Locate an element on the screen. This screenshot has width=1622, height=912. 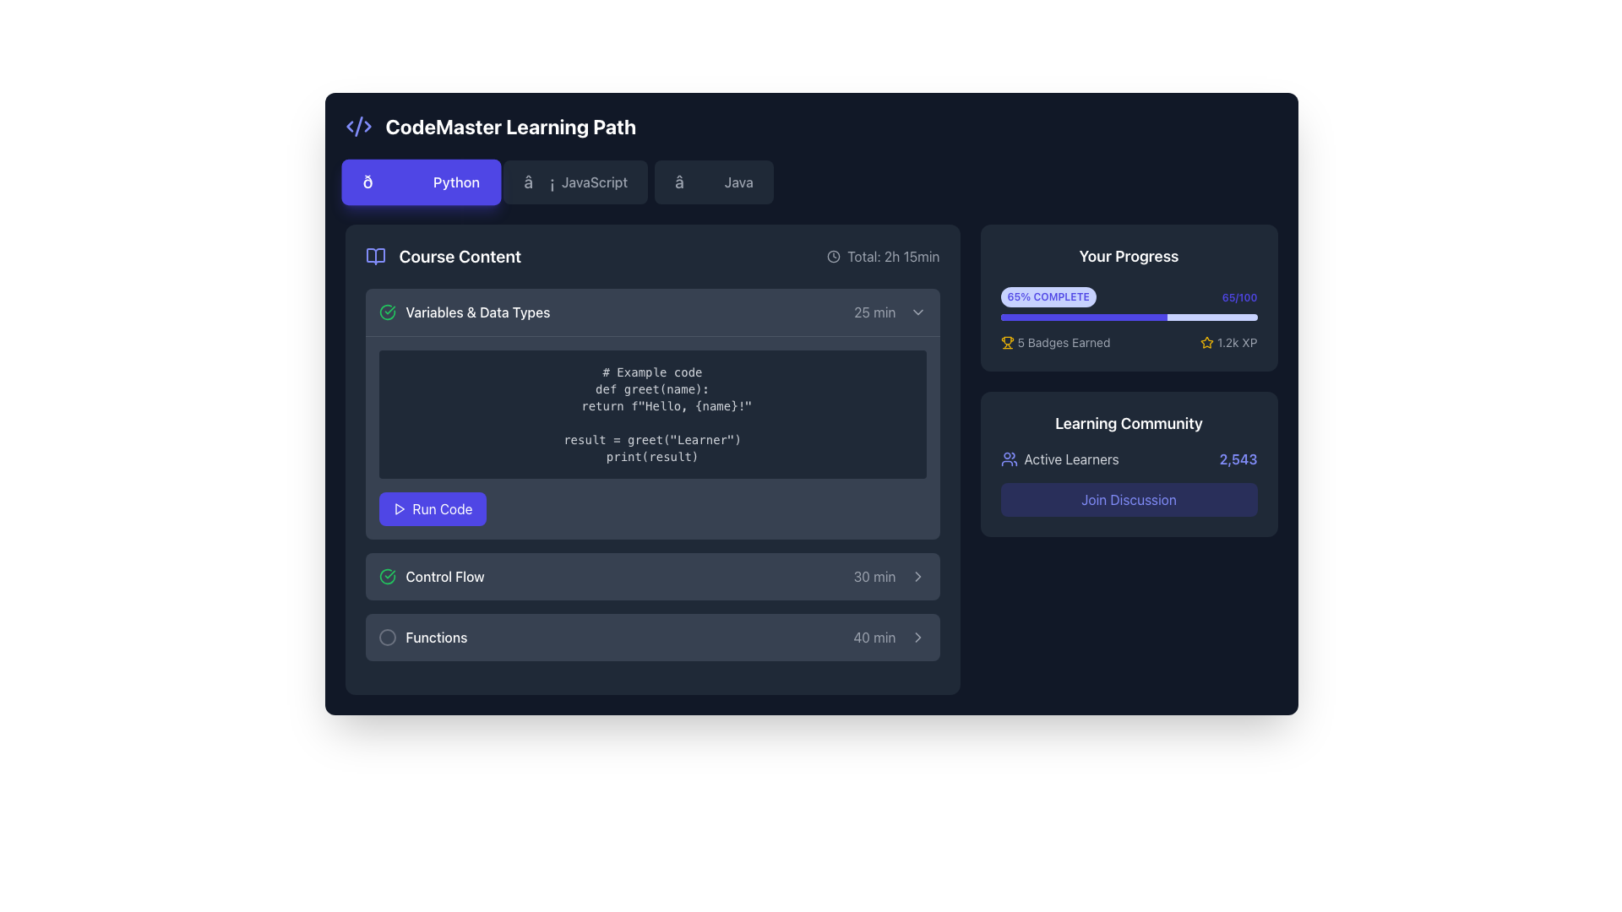
the clickable button with a label and icon located at the bottom of the 'Example code' snippet to observe any visual changes is located at coordinates (433, 508).